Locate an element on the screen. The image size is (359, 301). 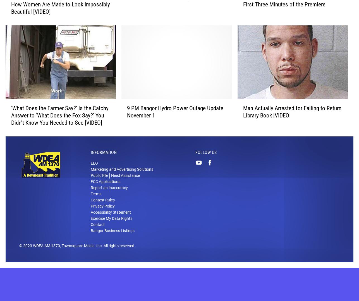
'Man Actually Arrested for Failing to Return Library Book [VIDEO]' is located at coordinates (292, 121).